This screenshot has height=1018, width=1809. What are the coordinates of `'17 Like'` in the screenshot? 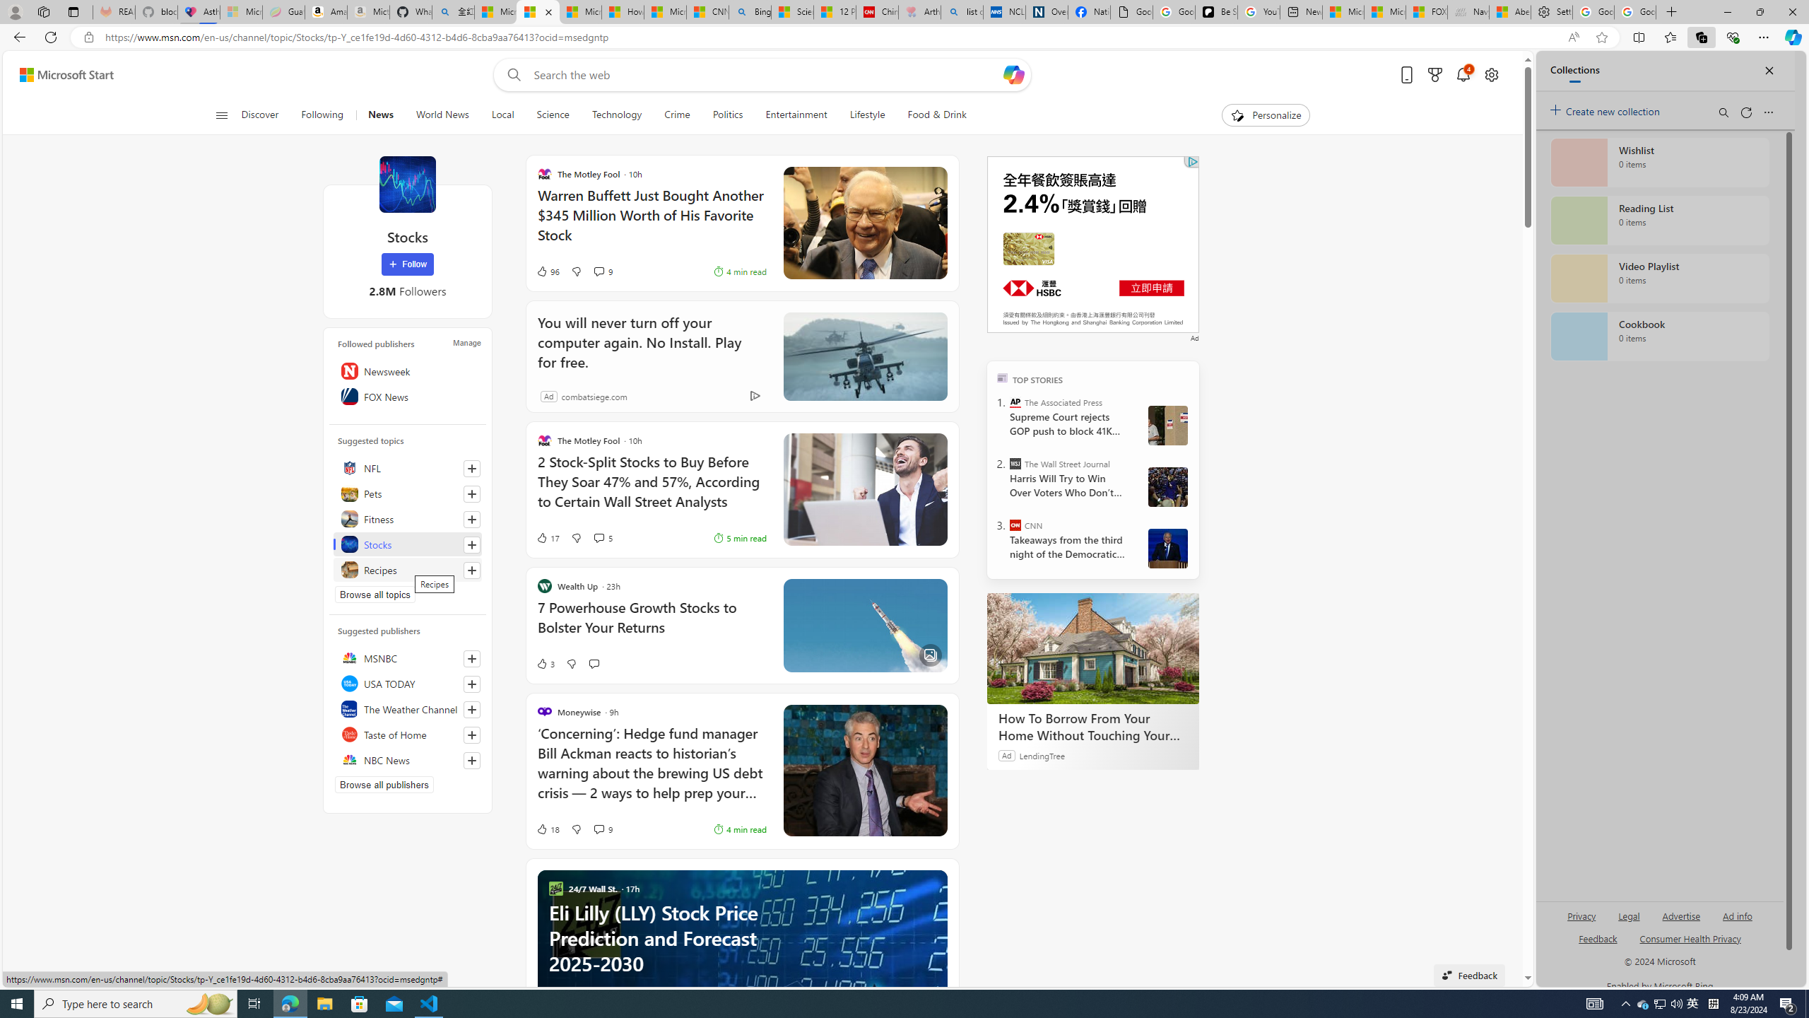 It's located at (547, 538).